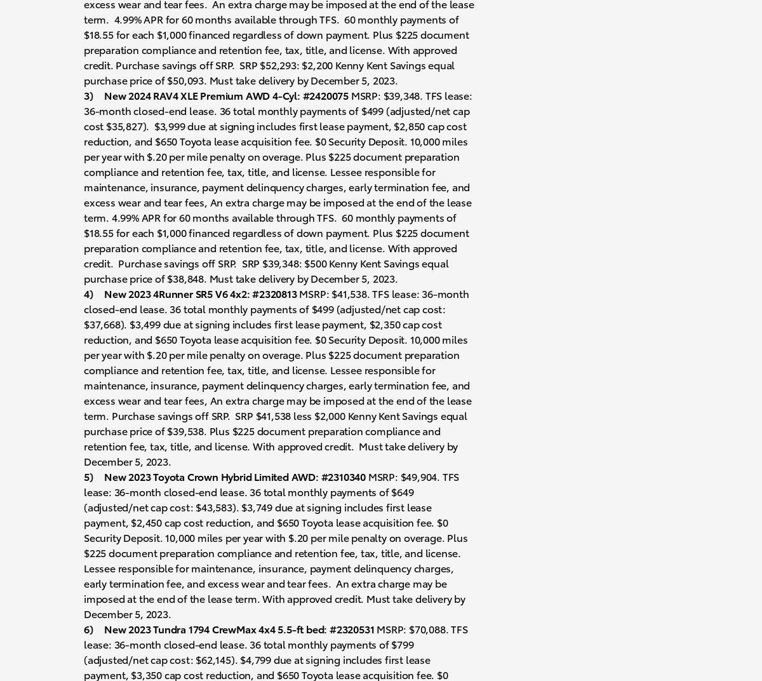  Describe the element at coordinates (88, 627) in the screenshot. I see `'6)'` at that location.